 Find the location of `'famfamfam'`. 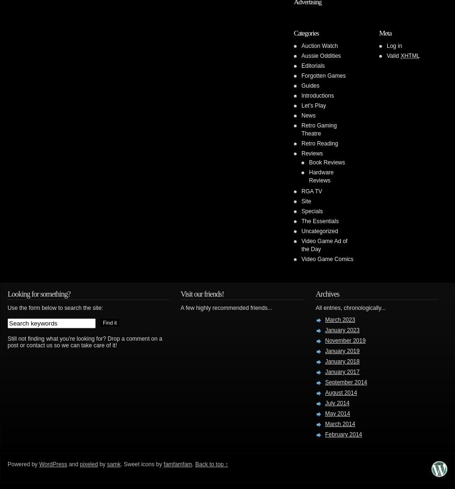

'famfamfam' is located at coordinates (177, 463).